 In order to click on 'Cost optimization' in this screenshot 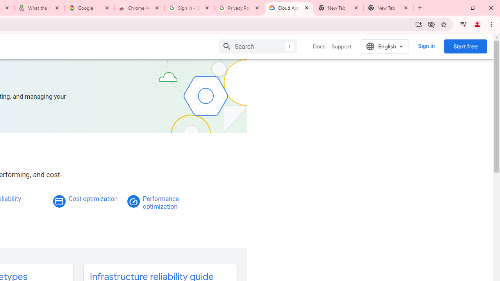, I will do `click(93, 198)`.